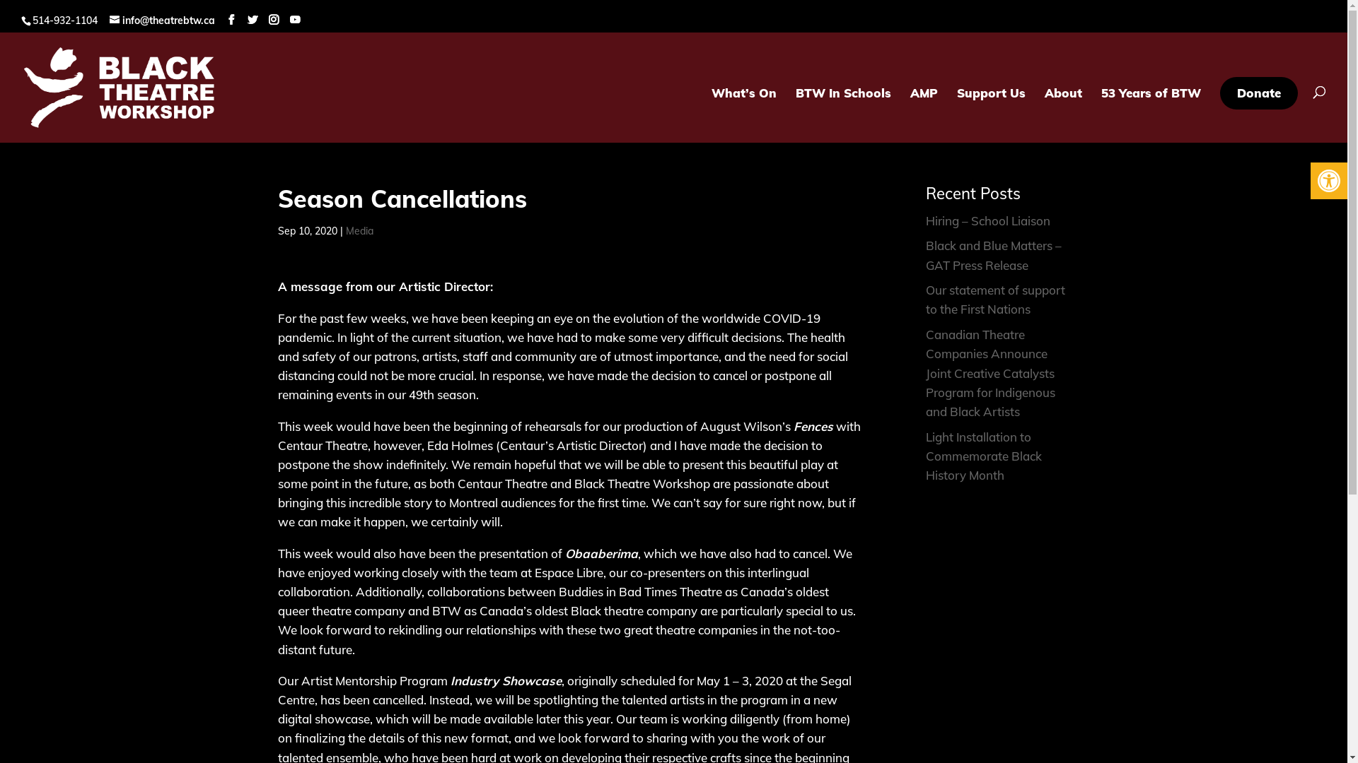 The image size is (1358, 763). Describe the element at coordinates (924, 114) in the screenshot. I see `'AMP'` at that location.